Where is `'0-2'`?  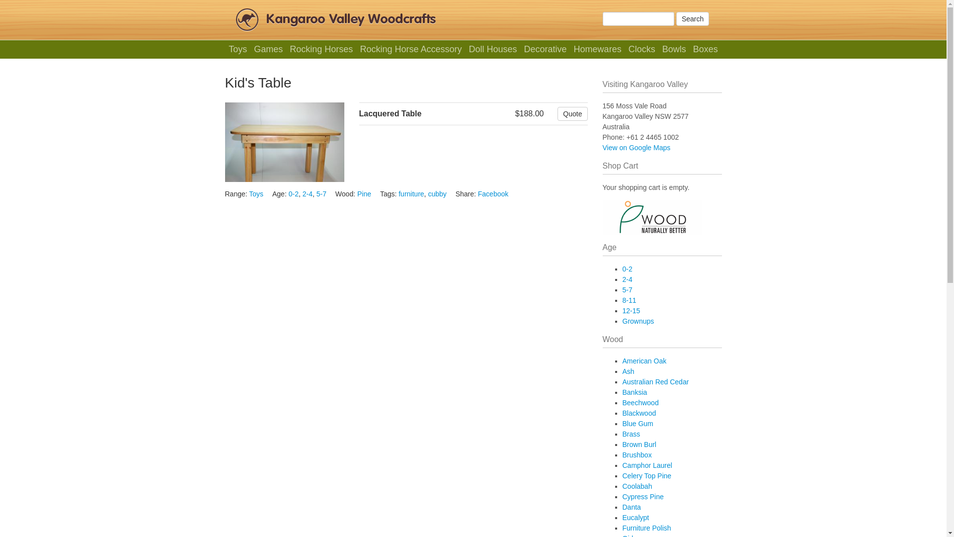 '0-2' is located at coordinates (293, 193).